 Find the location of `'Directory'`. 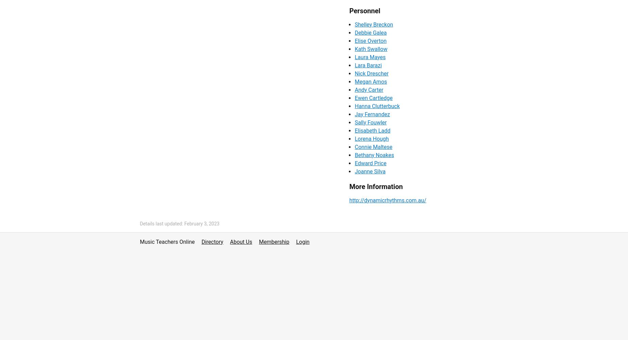

'Directory' is located at coordinates (212, 241).